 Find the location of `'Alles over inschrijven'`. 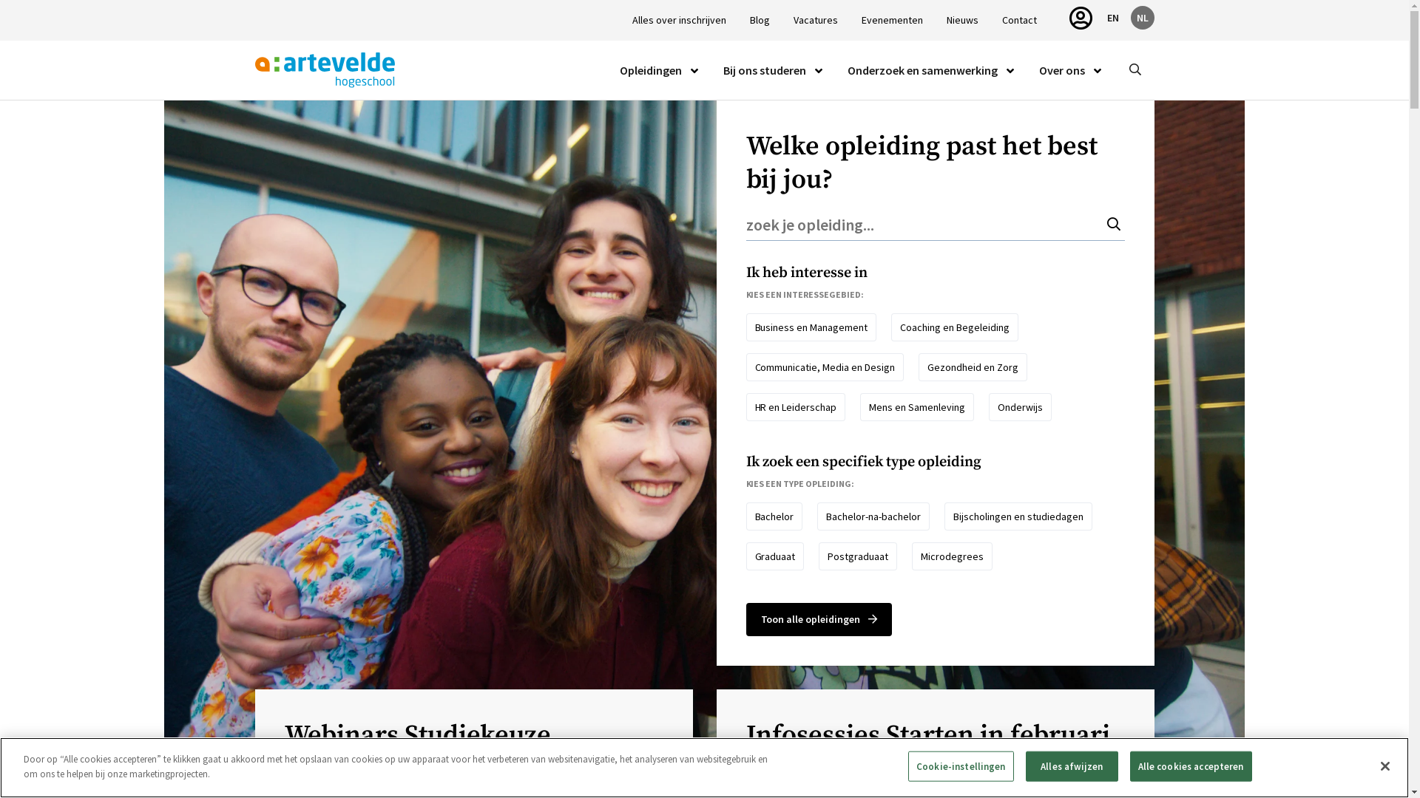

'Alles over inschrijven' is located at coordinates (677, 20).